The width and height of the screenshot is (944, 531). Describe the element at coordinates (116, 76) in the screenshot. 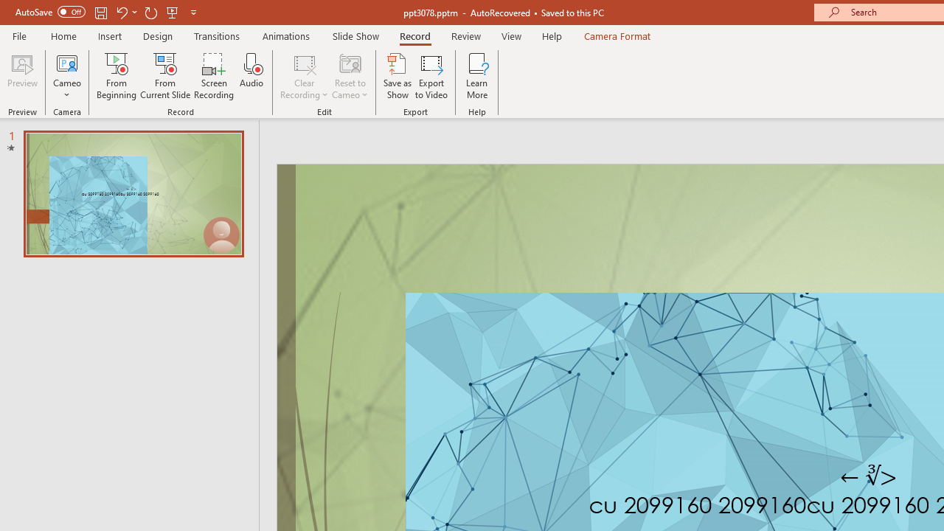

I see `'From Beginning...'` at that location.